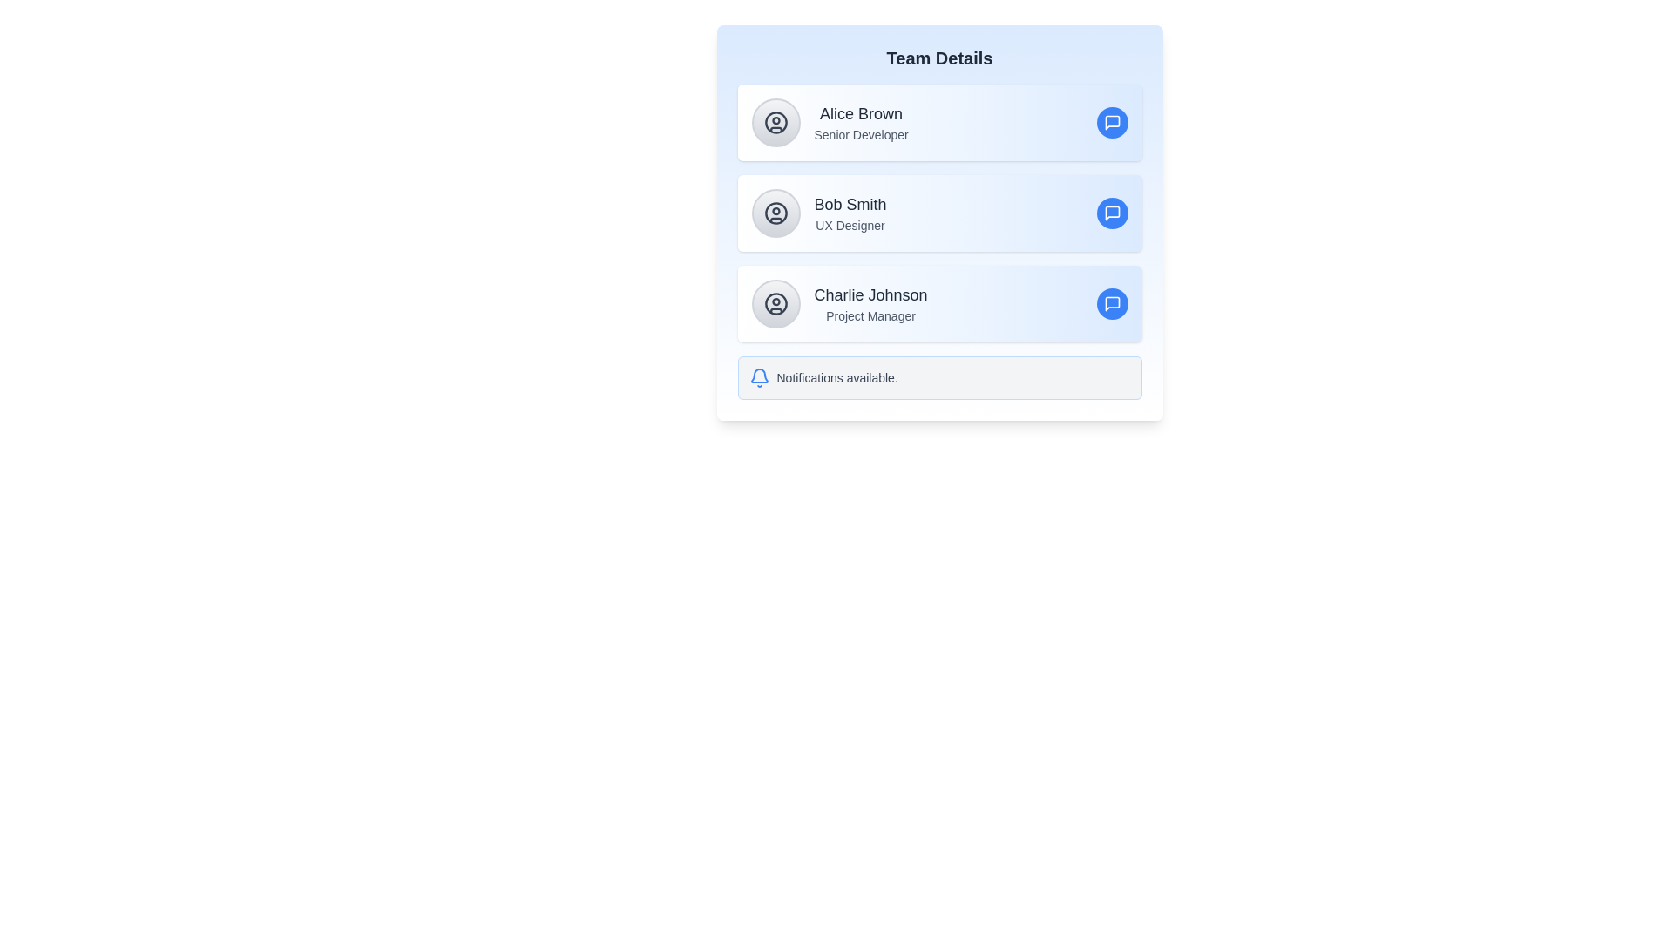  I want to click on the speech bubble icon located to the right of 'Bob Smith, UX Designer' in the 'Team Details' section to initiate a chat, so click(1111, 213).